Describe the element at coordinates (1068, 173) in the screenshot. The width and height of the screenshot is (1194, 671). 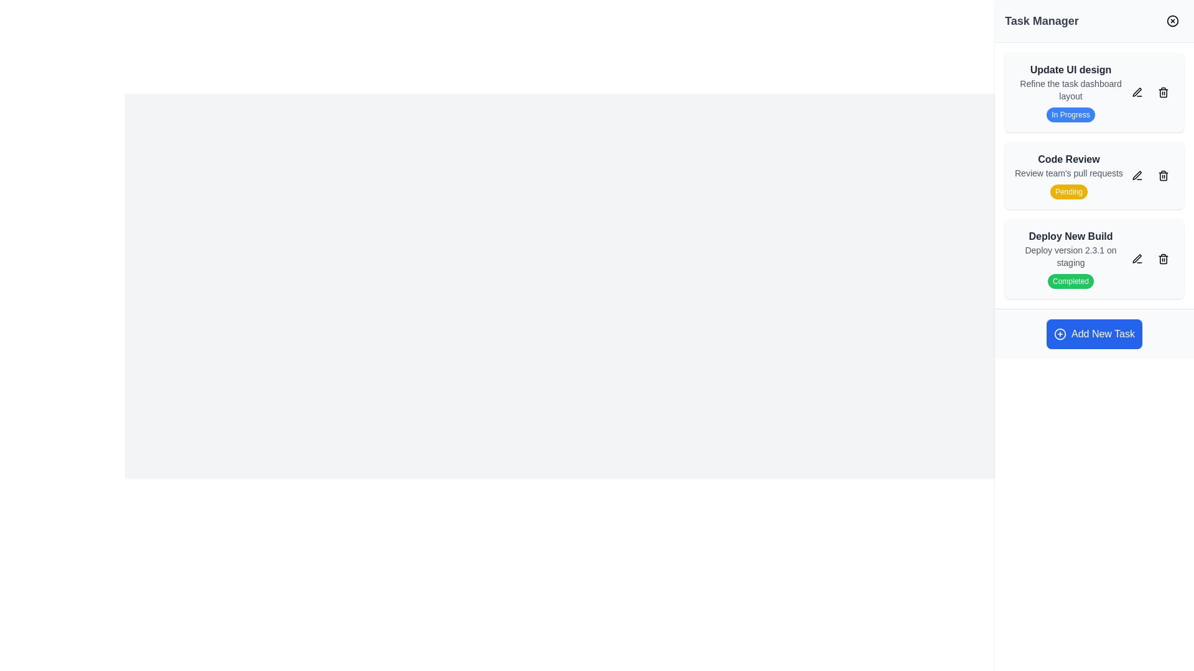
I see `the text element providing additional context for the 'Code Review' task, located in the second task card of the task manager interface, centered horizontally between the 'Code Review' header and 'Pending' status label` at that location.